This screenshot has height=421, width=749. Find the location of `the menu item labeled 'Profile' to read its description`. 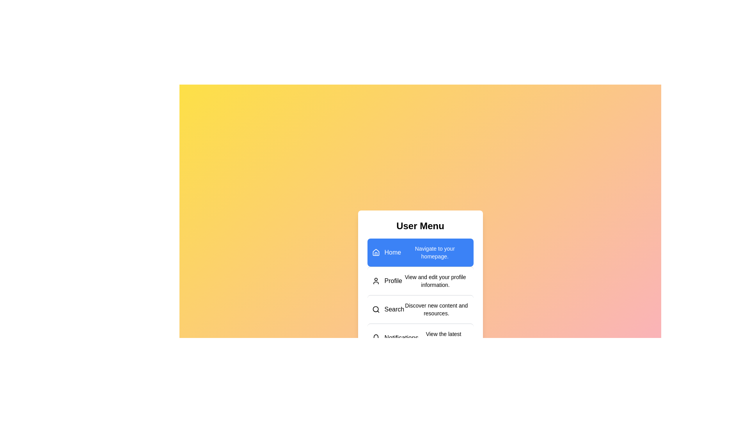

the menu item labeled 'Profile' to read its description is located at coordinates (420, 281).